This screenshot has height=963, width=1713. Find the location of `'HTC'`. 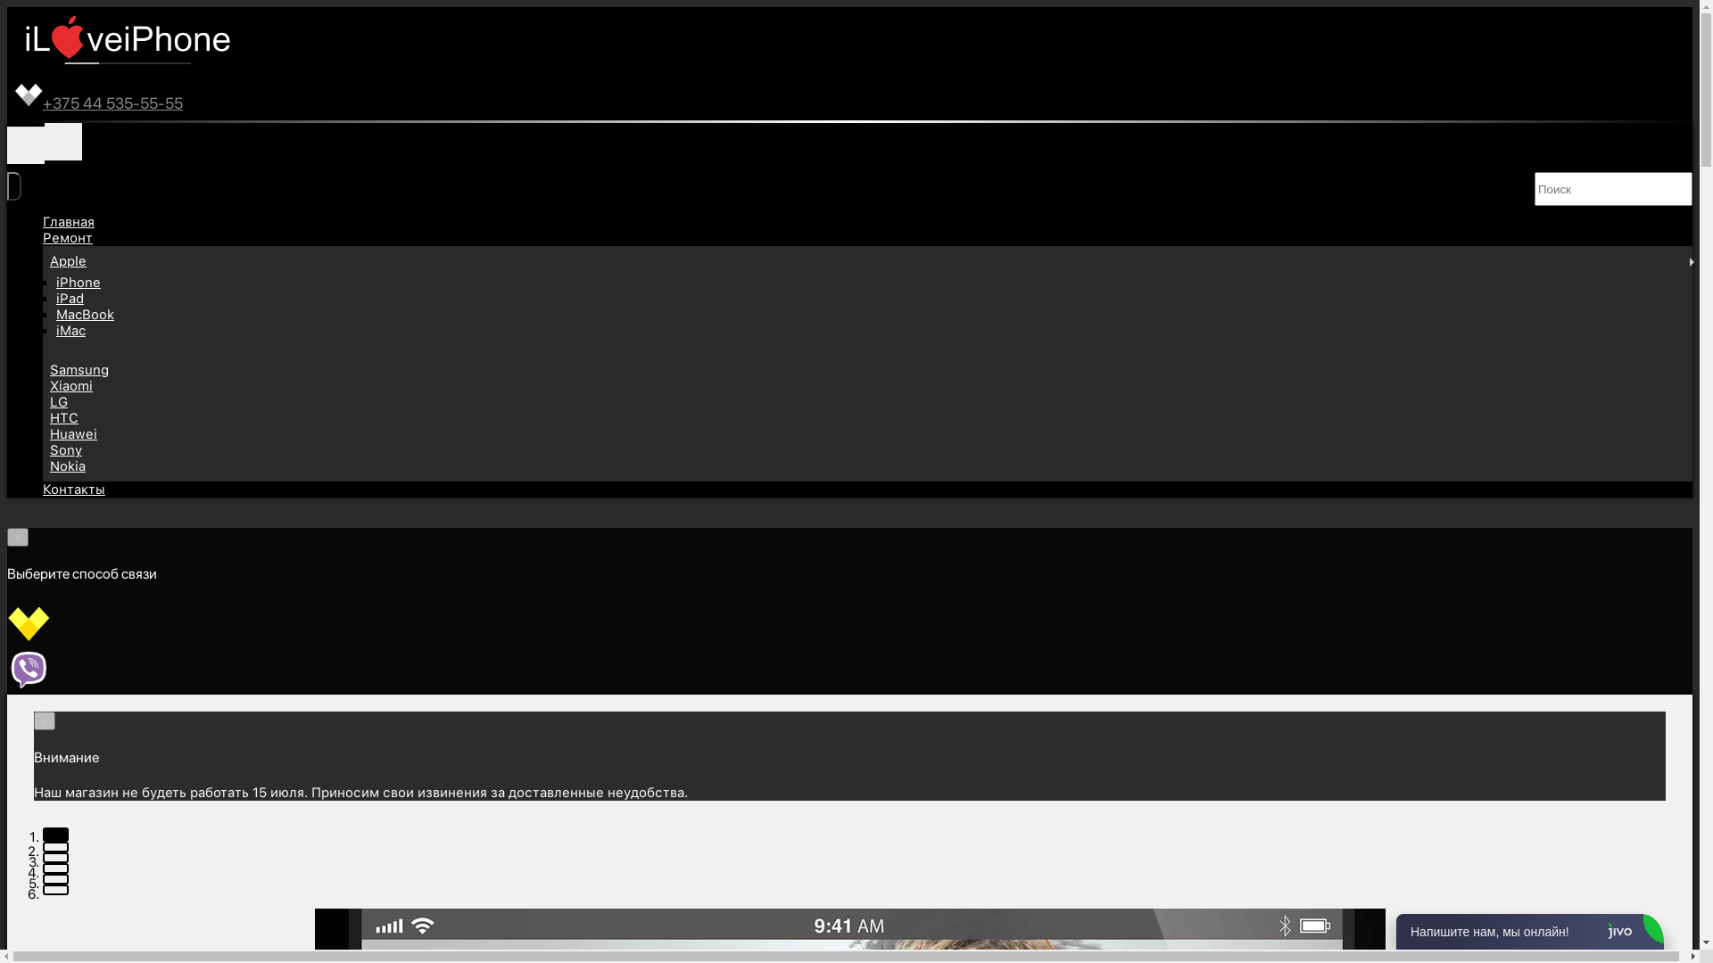

'HTC' is located at coordinates (50, 418).